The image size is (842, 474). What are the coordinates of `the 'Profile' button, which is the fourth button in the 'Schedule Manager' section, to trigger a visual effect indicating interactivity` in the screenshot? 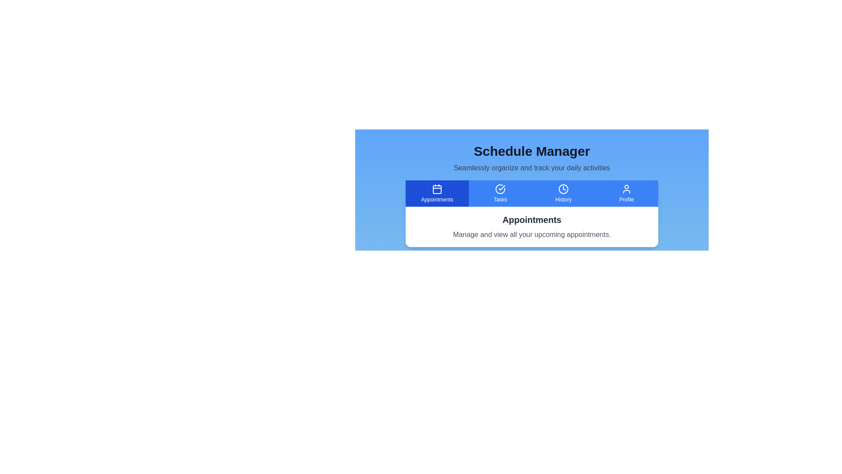 It's located at (626, 193).